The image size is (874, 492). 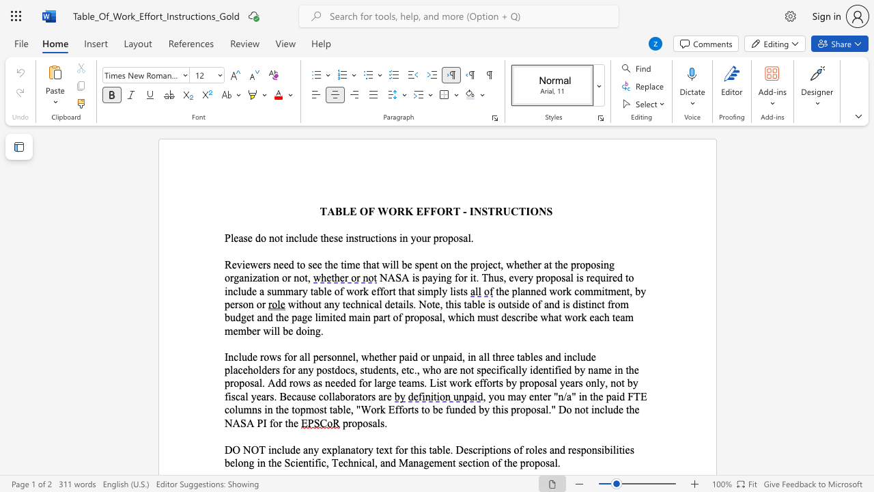 What do you see at coordinates (251, 277) in the screenshot?
I see `the 5th character "i" in the text` at bounding box center [251, 277].